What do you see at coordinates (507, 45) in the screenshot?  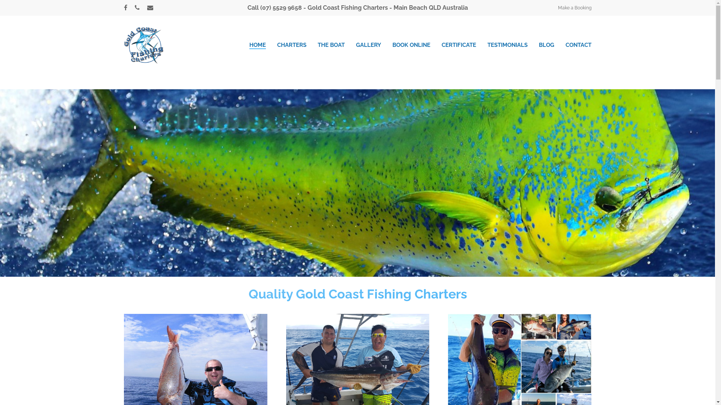 I see `'TESTIMONIALS'` at bounding box center [507, 45].